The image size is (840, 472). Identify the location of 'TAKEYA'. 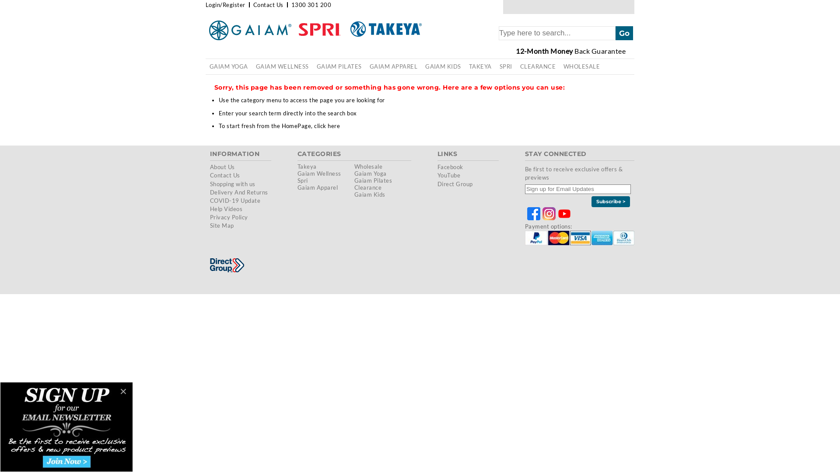
(480, 66).